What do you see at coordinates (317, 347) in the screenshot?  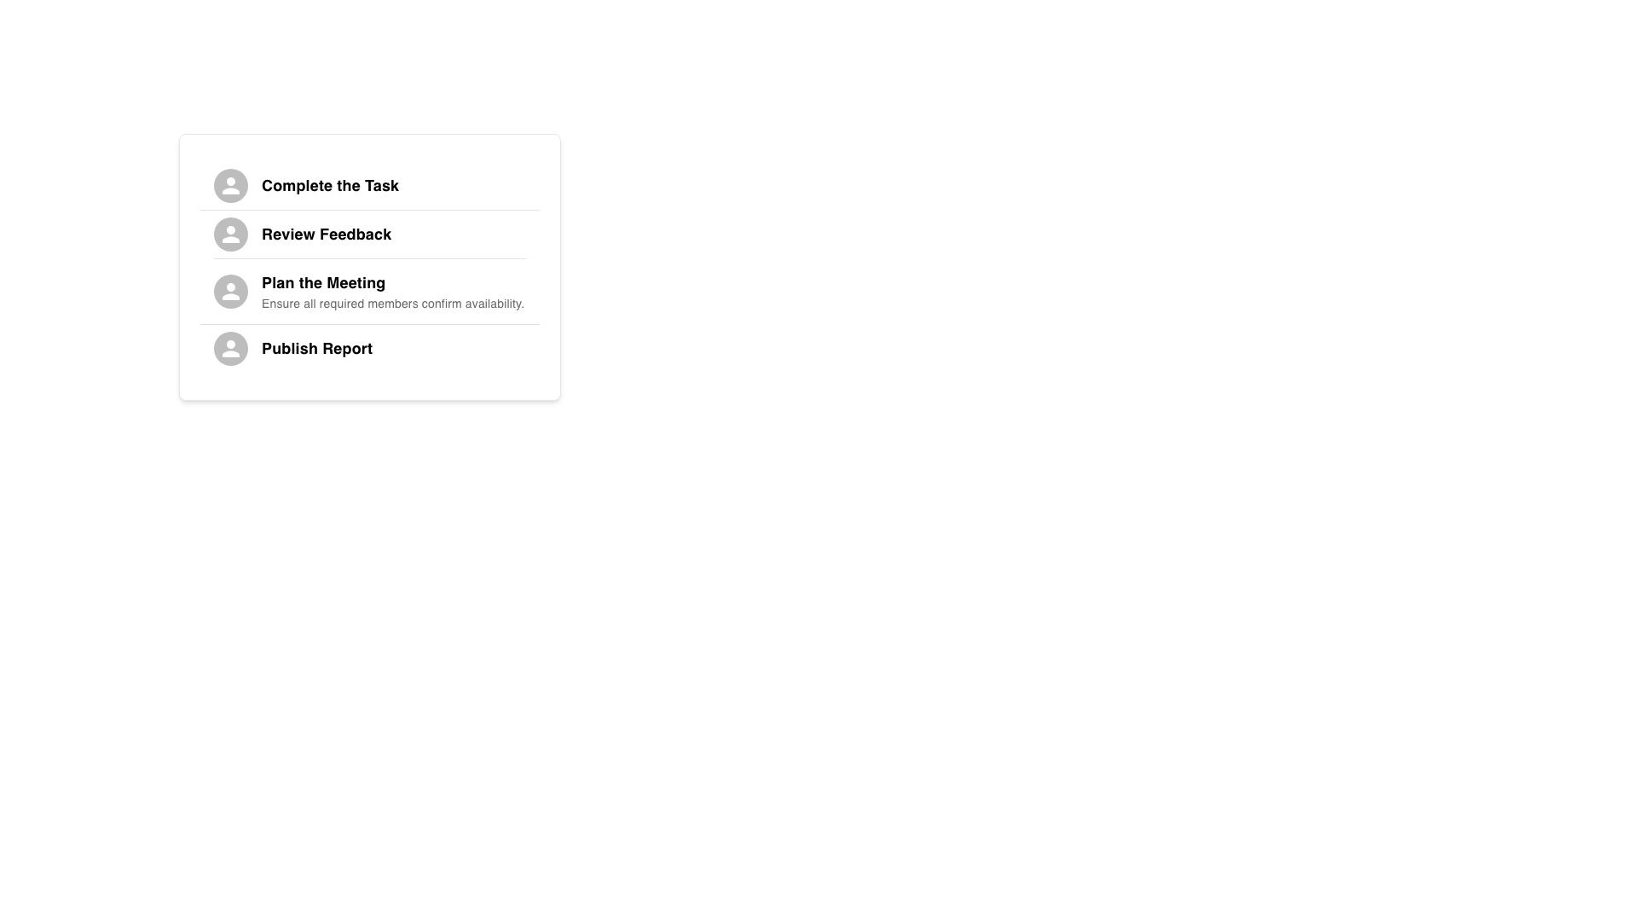 I see `the text label styled in bold, black font that contains the content 'Publish Report', which is the fourth item in a vertical list within a card-like UI component, positioned directly below 'Plan the Meeting'` at bounding box center [317, 347].